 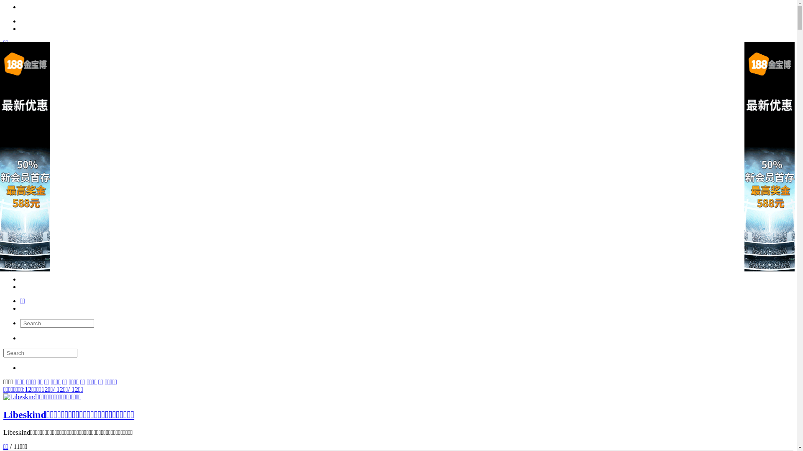 What do you see at coordinates (40, 353) in the screenshot?
I see `'Search'` at bounding box center [40, 353].